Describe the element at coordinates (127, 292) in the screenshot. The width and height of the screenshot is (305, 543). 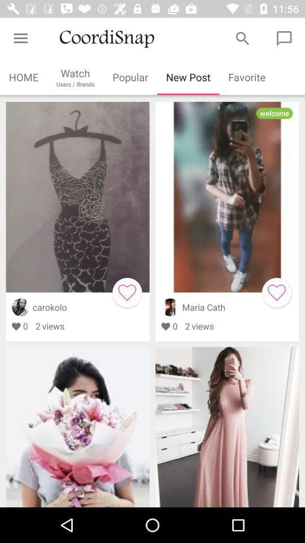
I see `orange box flashing on heart sign` at that location.